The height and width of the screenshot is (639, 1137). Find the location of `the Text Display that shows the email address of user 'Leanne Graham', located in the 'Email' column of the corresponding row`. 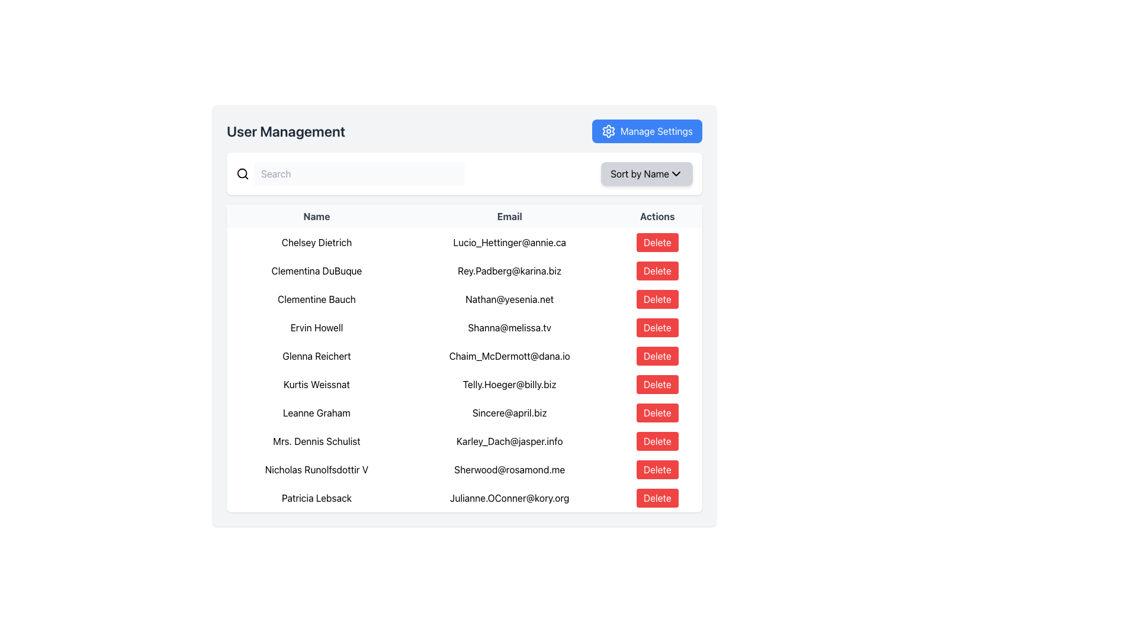

the Text Display that shows the email address of user 'Leanne Graham', located in the 'Email' column of the corresponding row is located at coordinates (509, 412).